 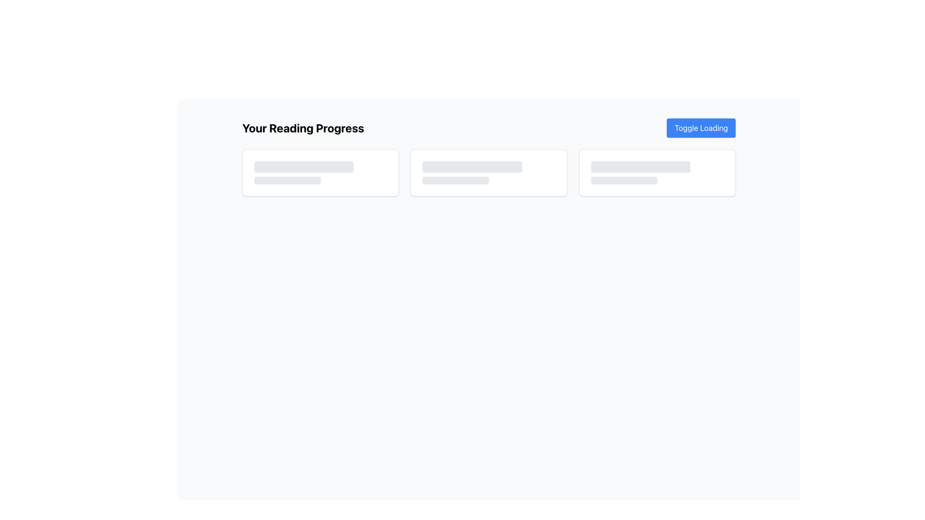 What do you see at coordinates (656, 172) in the screenshot?
I see `Placeholder Card Interface, which is the rightmost card in a grid of three columns, characterized by rounded corners, a white background, and two placeholder bars` at bounding box center [656, 172].